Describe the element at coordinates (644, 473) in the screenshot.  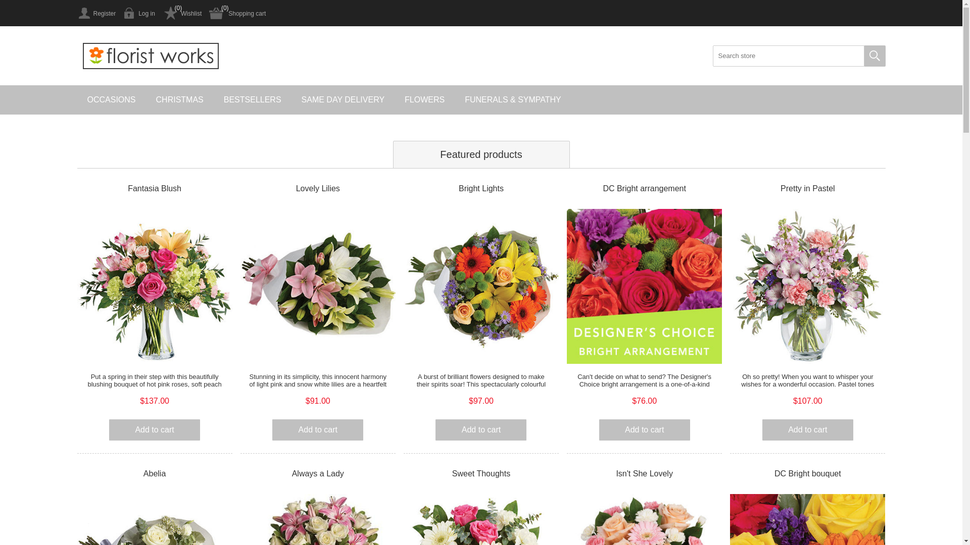
I see `'Isn't She Lovely'` at that location.